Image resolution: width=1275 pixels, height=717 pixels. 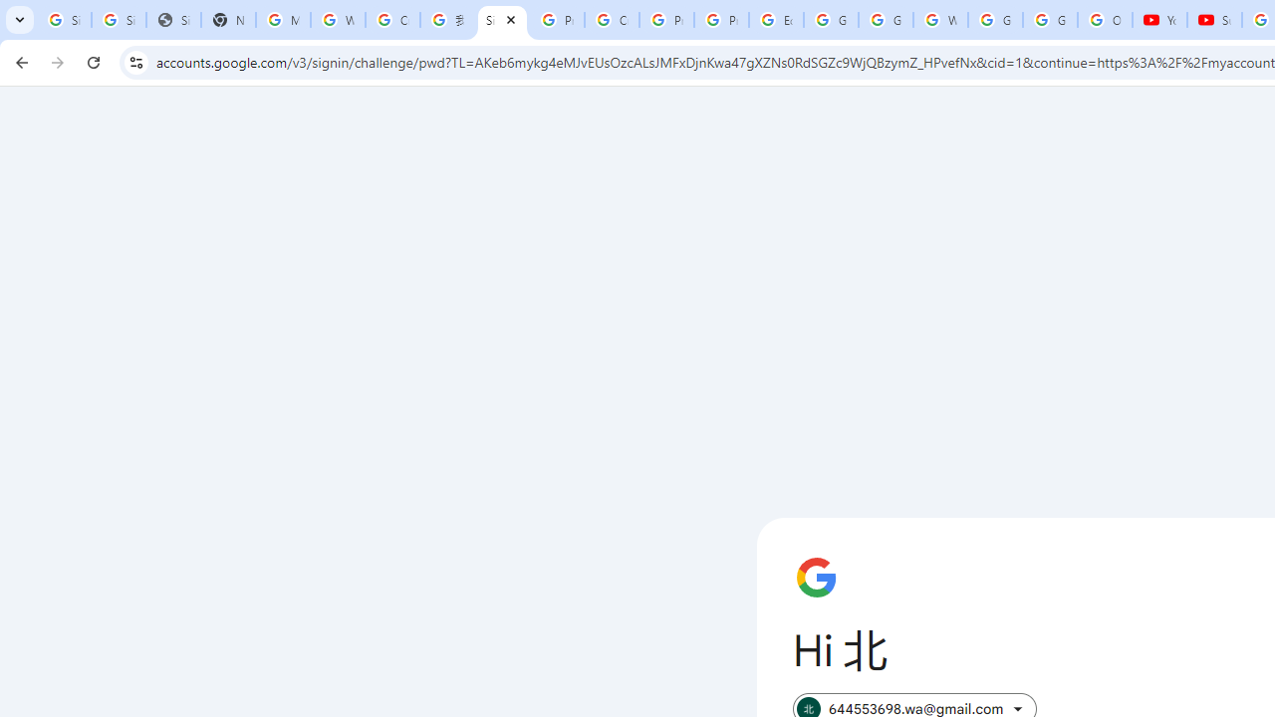 I want to click on 'New Tab', so click(x=228, y=20).